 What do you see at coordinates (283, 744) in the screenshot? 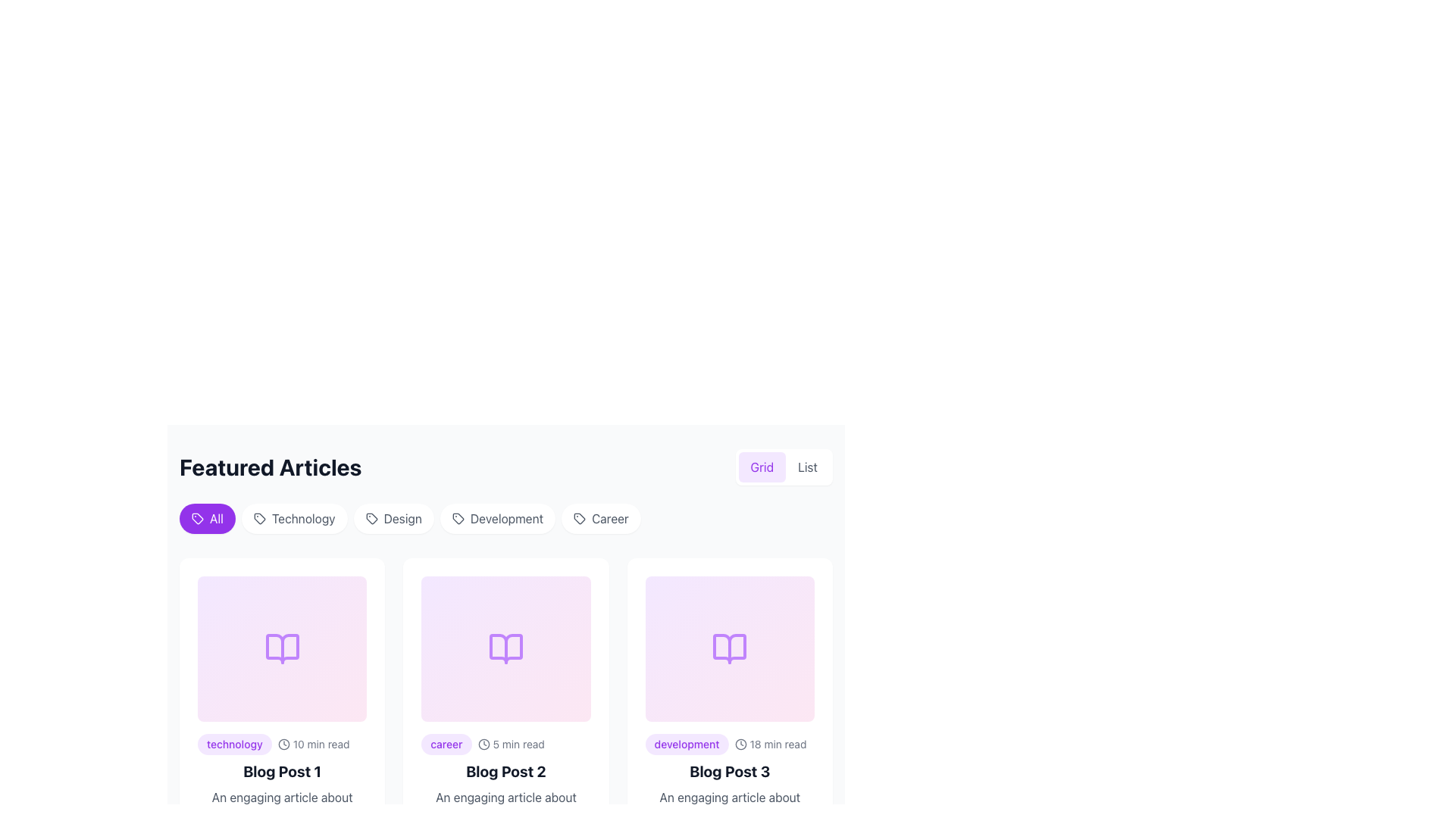
I see `the clock icon located to the left of the text '10 min read' within the label area of 'Blog Post 1.'` at bounding box center [283, 744].